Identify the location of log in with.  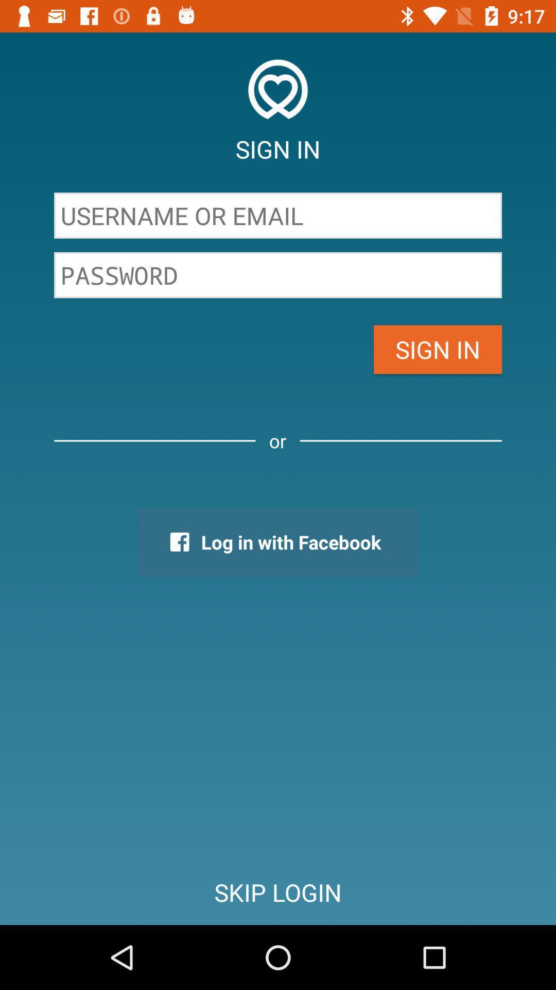
(277, 541).